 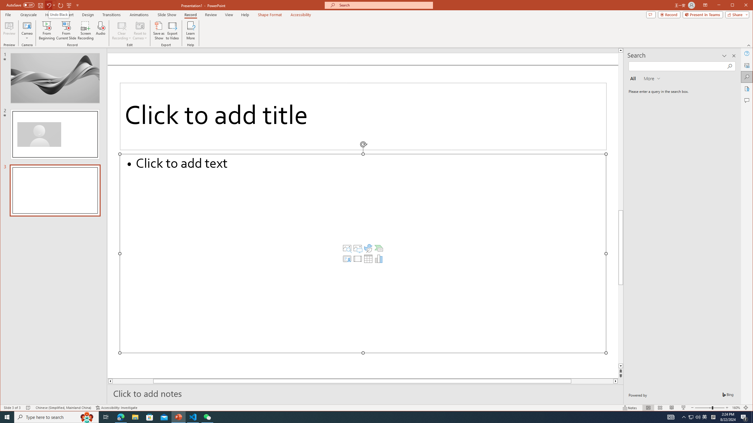 I want to click on 'Save as Show', so click(x=159, y=30).